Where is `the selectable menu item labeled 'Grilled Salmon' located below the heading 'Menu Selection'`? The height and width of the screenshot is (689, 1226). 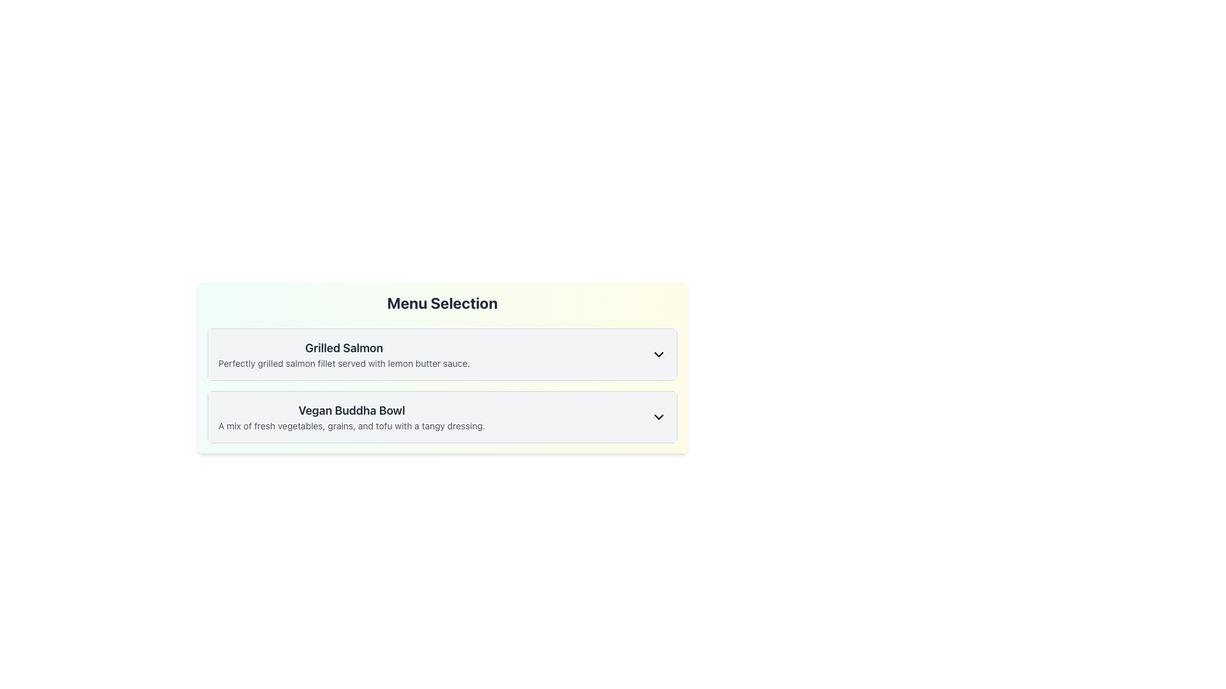 the selectable menu item labeled 'Grilled Salmon' located below the heading 'Menu Selection' is located at coordinates (442, 354).